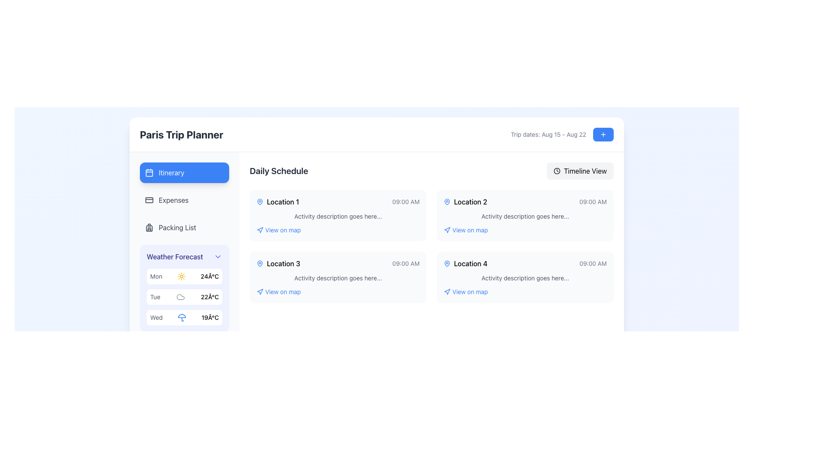 The image size is (824, 463). I want to click on the minimalistic plus icon centered inside the blue button at the top-right corner of the interface, so click(603, 134).